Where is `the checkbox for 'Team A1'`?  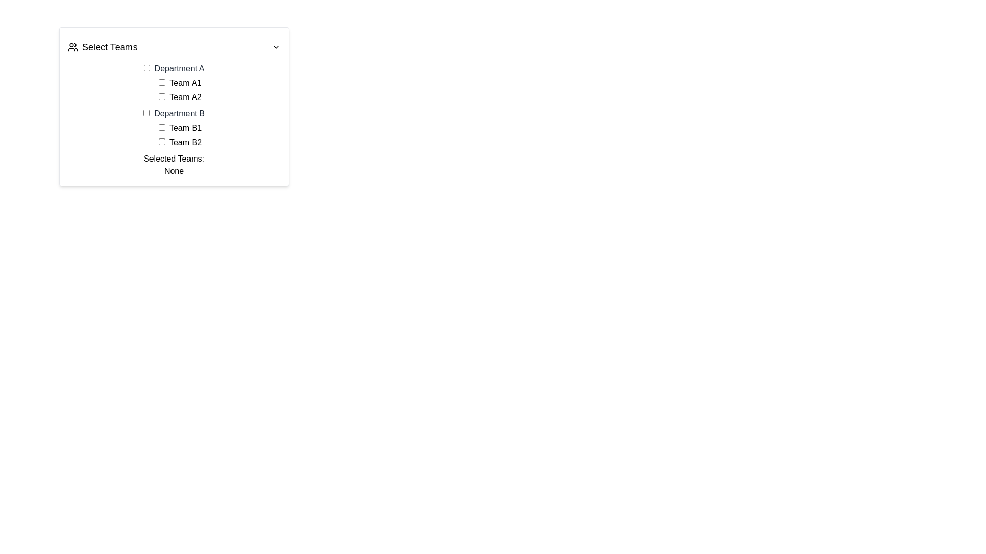 the checkbox for 'Team A1' is located at coordinates (161, 82).